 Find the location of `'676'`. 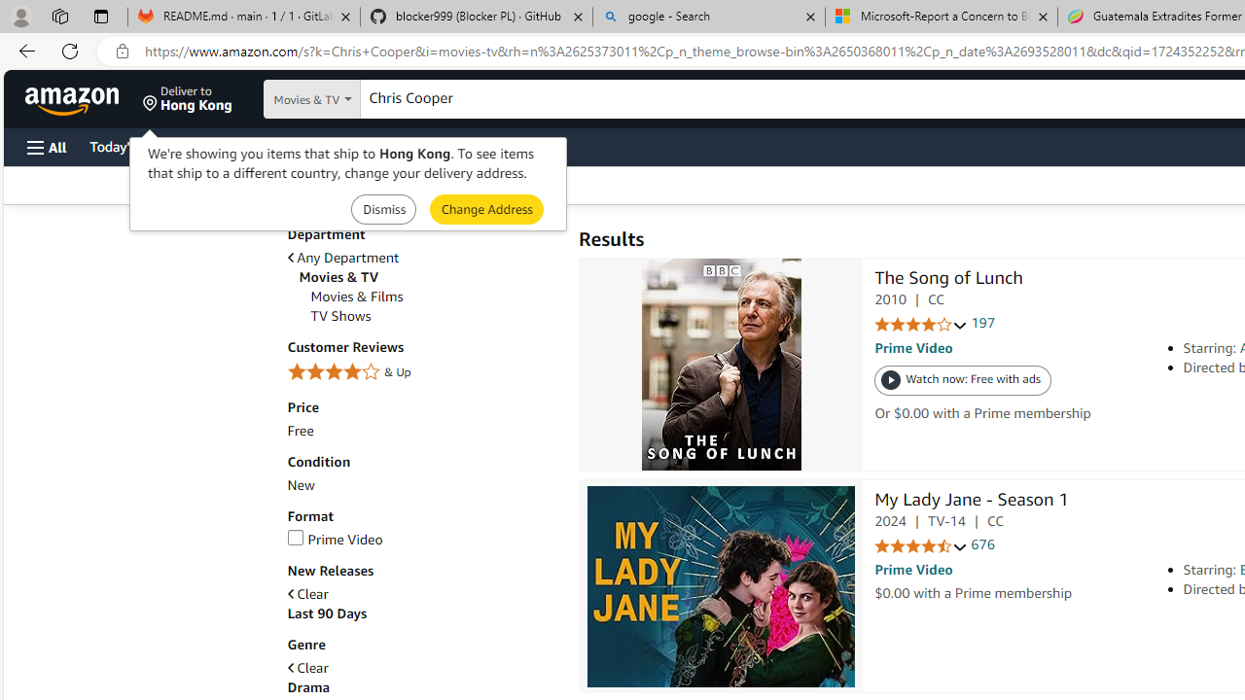

'676' is located at coordinates (982, 544).